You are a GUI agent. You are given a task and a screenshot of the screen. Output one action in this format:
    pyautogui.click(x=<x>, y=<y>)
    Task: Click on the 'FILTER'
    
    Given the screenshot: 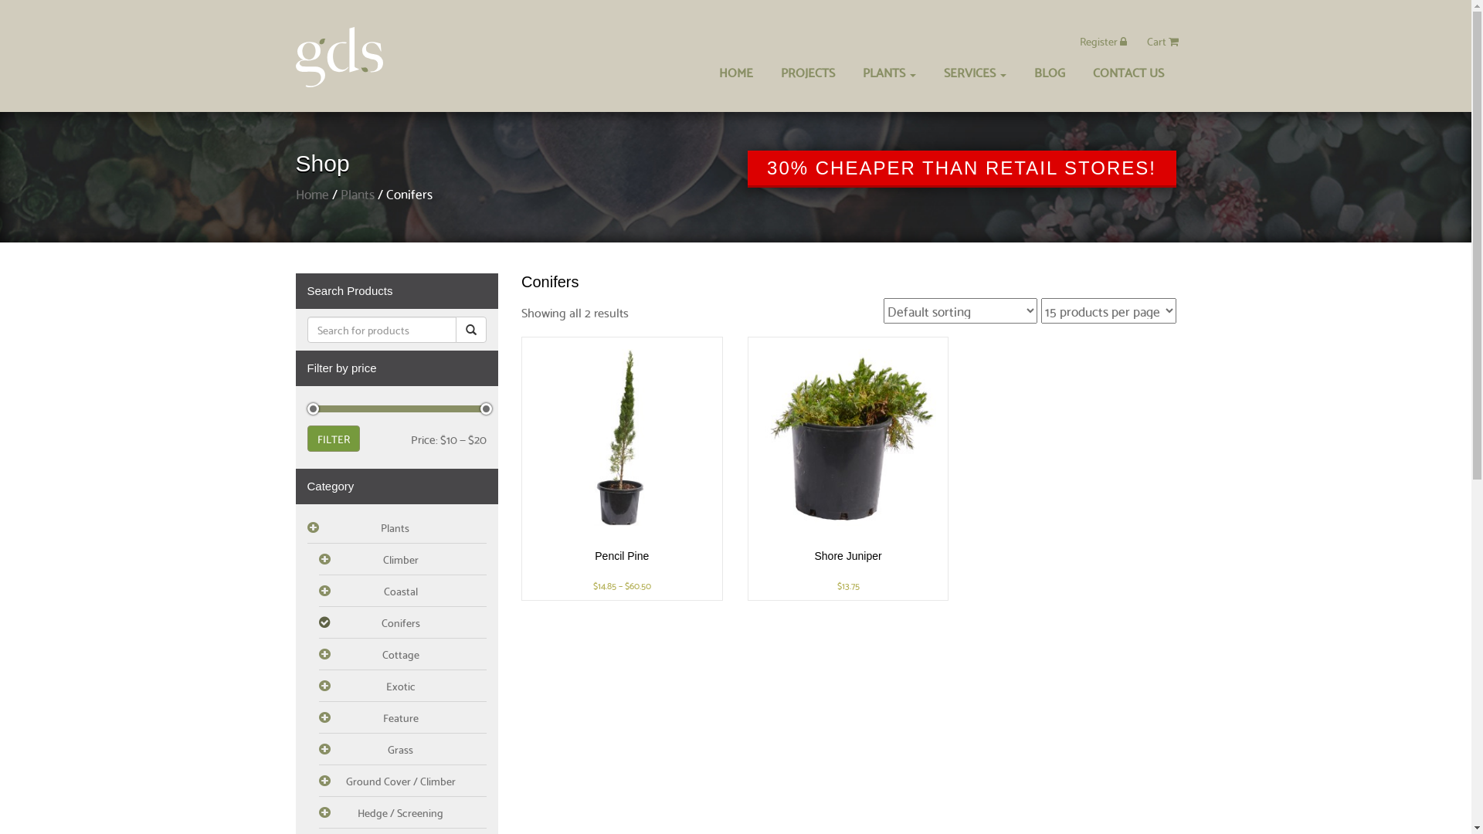 What is the action you would take?
    pyautogui.click(x=307, y=438)
    